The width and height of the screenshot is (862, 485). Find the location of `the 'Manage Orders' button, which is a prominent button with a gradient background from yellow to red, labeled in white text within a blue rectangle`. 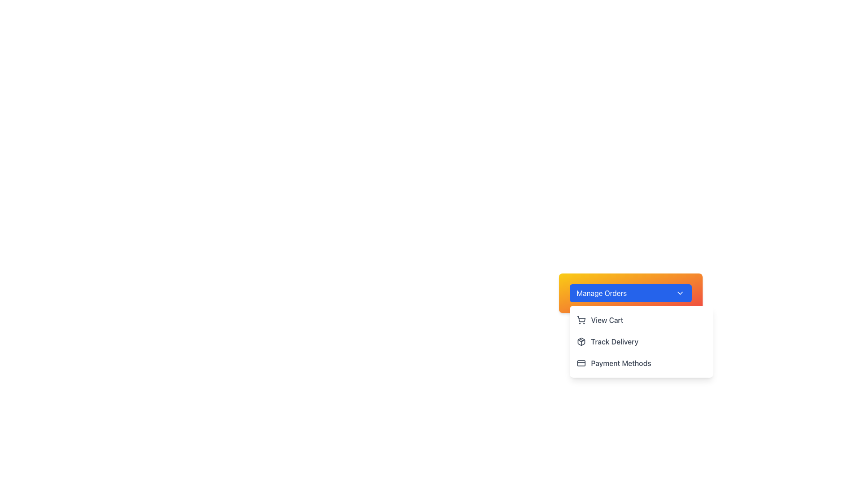

the 'Manage Orders' button, which is a prominent button with a gradient background from yellow to red, labeled in white text within a blue rectangle is located at coordinates (630, 293).